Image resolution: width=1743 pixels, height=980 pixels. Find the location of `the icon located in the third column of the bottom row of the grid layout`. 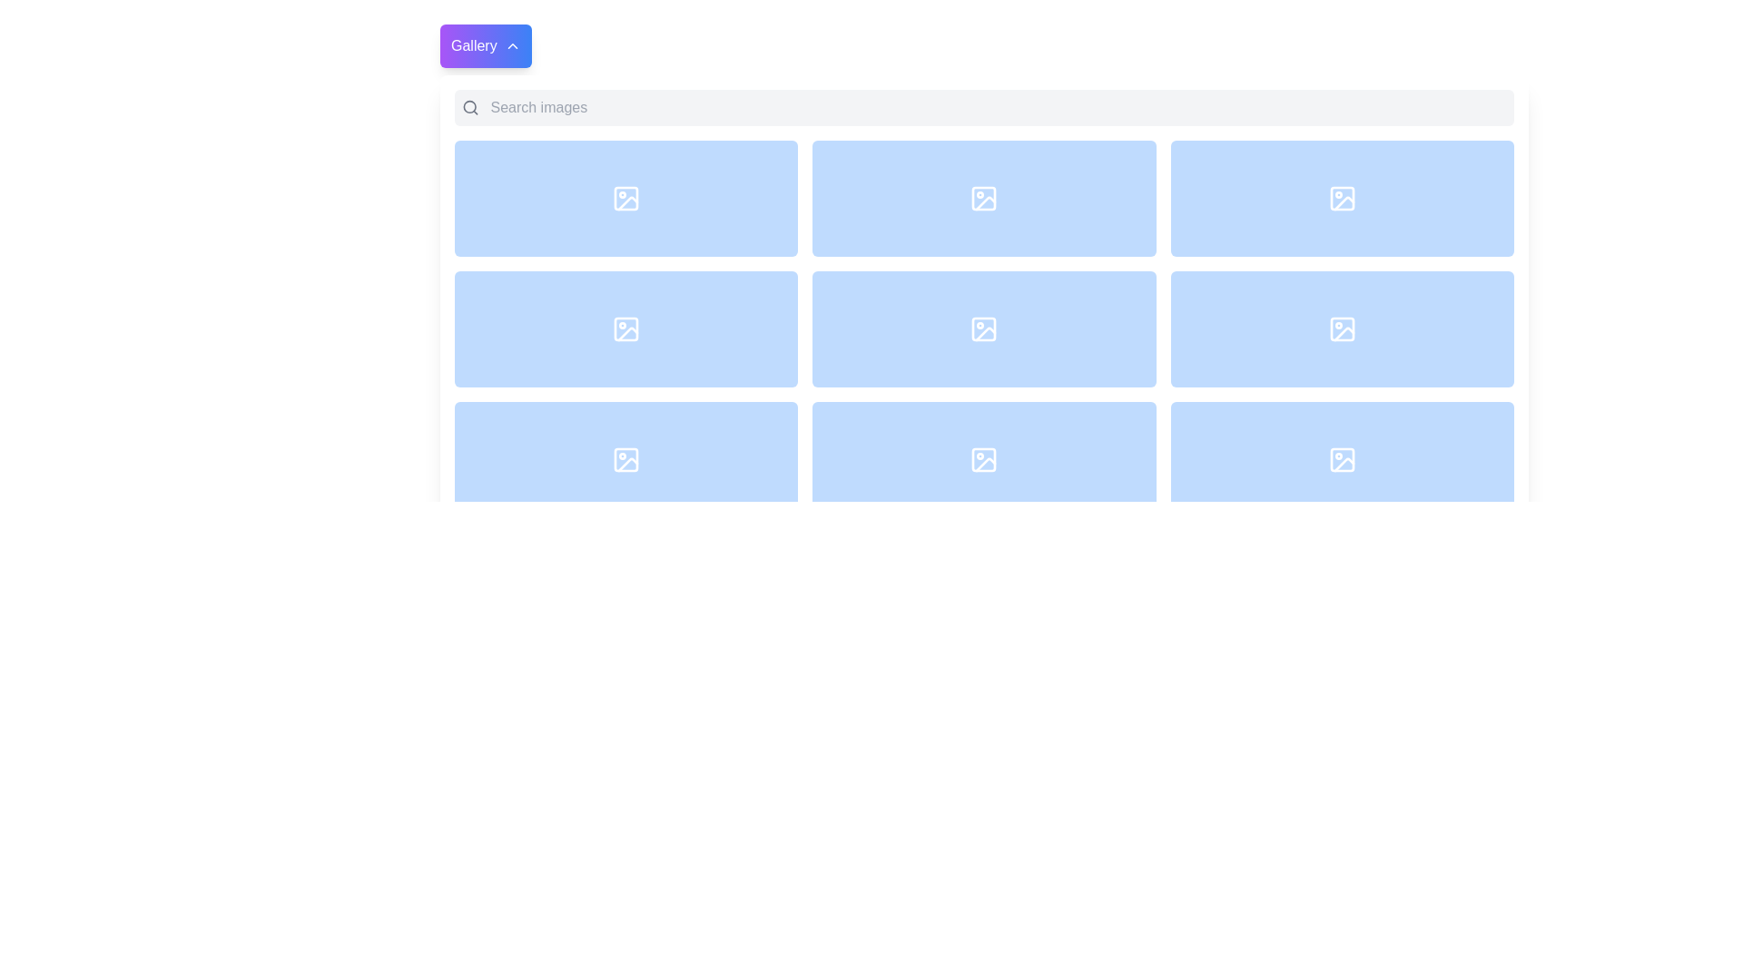

the icon located in the third column of the bottom row of the grid layout is located at coordinates (626, 458).